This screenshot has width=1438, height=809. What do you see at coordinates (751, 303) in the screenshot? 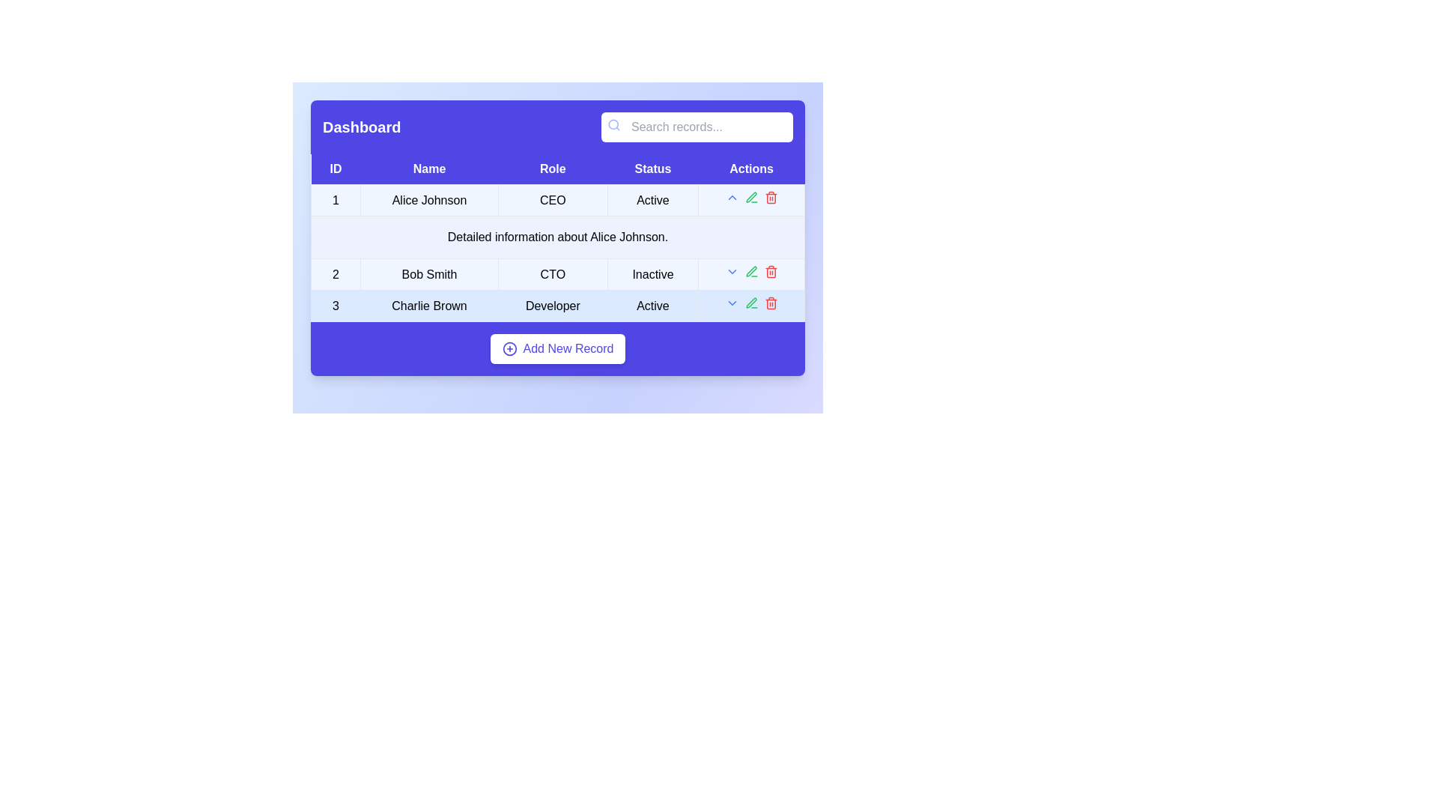
I see `the pen icon in the 'Actions' column of the first row associated with 'Alice Johnson'` at bounding box center [751, 303].